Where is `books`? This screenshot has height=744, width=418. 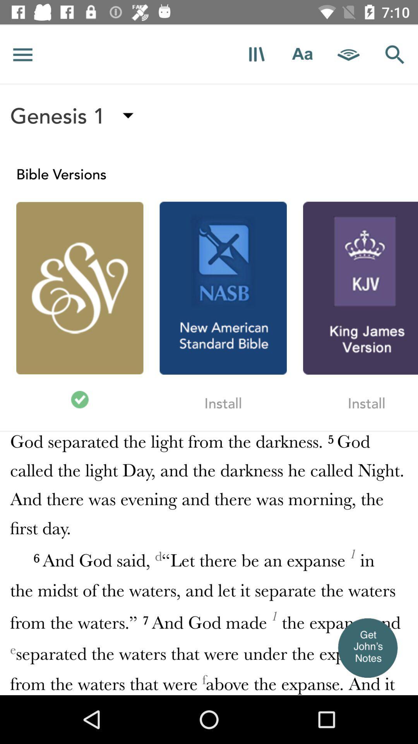
books is located at coordinates (256, 54).